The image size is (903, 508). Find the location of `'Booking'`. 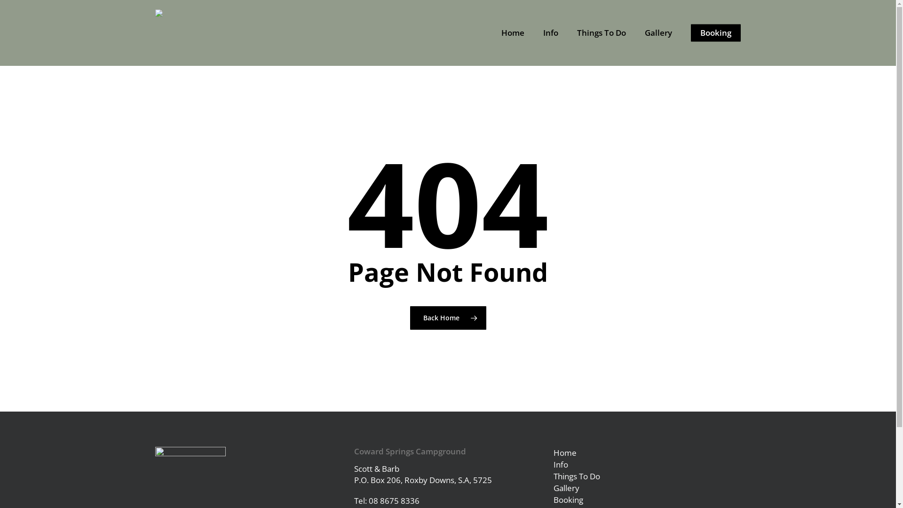

'Booking' is located at coordinates (647, 499).